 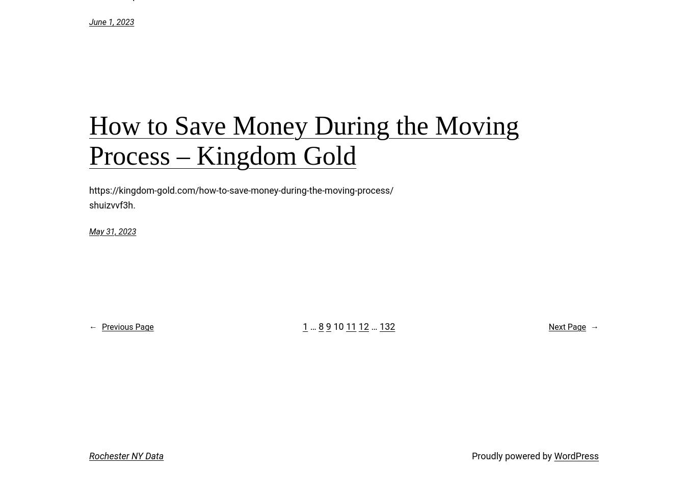 I want to click on 'May 31, 2023', so click(x=112, y=231).